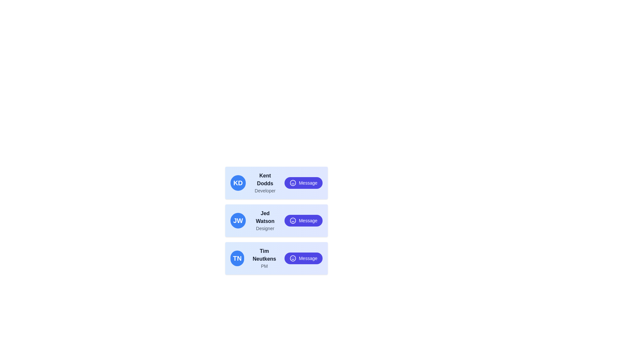  Describe the element at coordinates (293, 220) in the screenshot. I see `the circular outline within the smiley face icon in the button next to 'Jed Watson' profile` at that location.